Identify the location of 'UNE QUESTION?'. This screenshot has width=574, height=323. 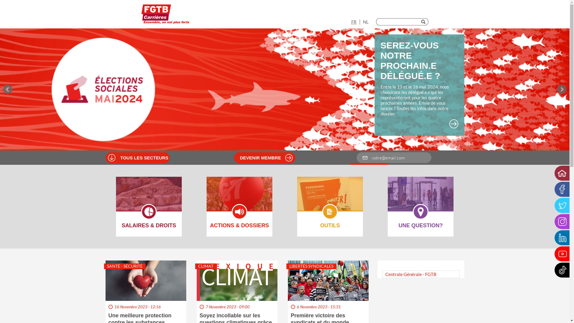
(387, 197).